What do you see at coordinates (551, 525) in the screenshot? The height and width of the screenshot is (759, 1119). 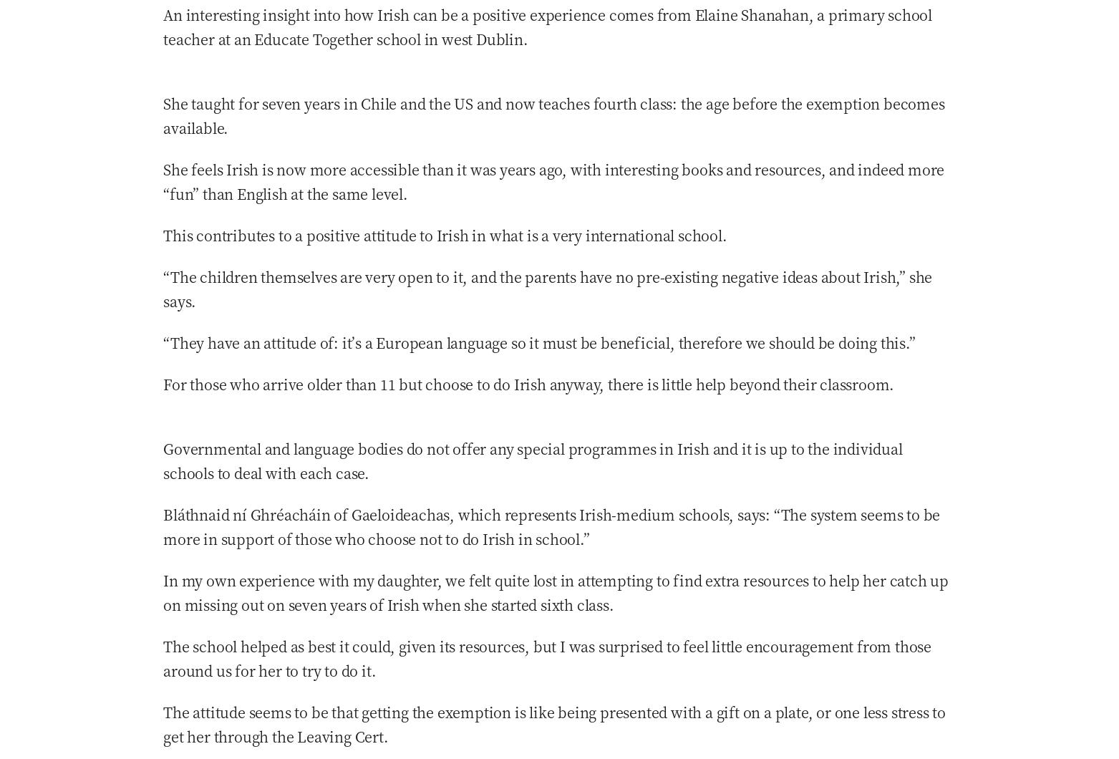 I see `'Bláthnaid ní Ghréacháin of Gaeloideachas, which represents Irish-medium schools, says: “The system seems to be more in support of those who choose not to do Irish in school.”'` at bounding box center [551, 525].